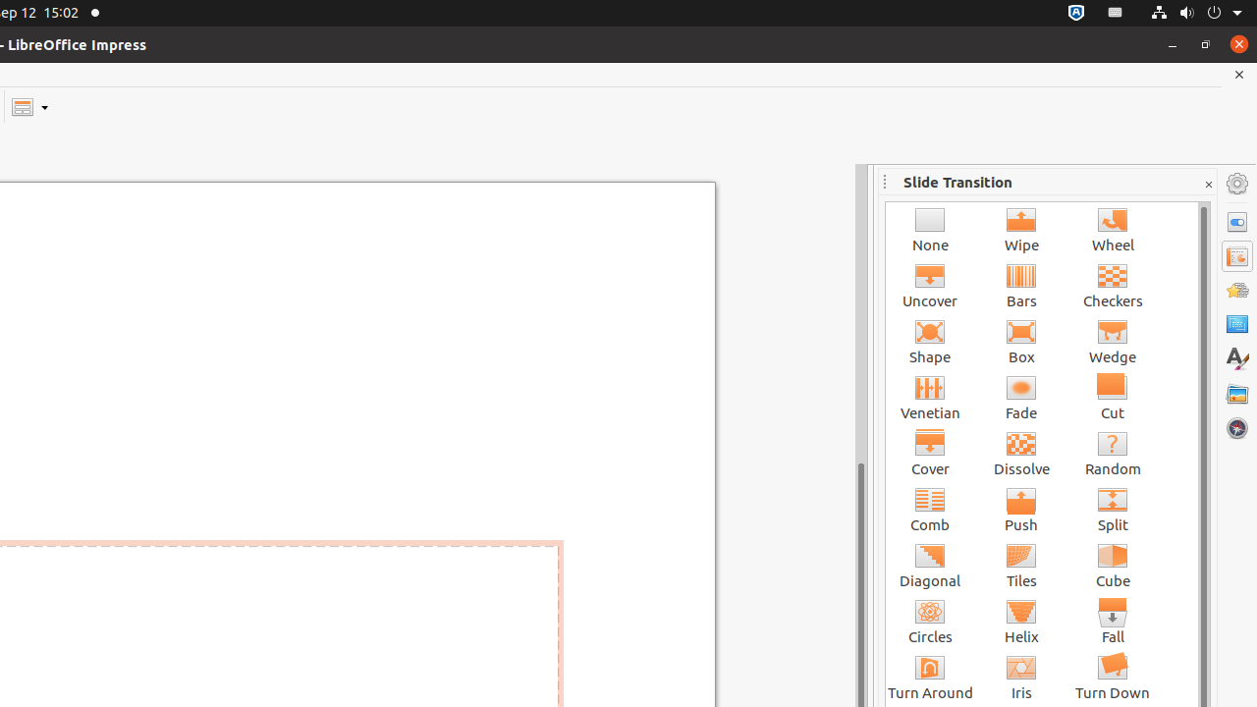 This screenshot has height=707, width=1257. What do you see at coordinates (929, 285) in the screenshot?
I see `'Uncover'` at bounding box center [929, 285].